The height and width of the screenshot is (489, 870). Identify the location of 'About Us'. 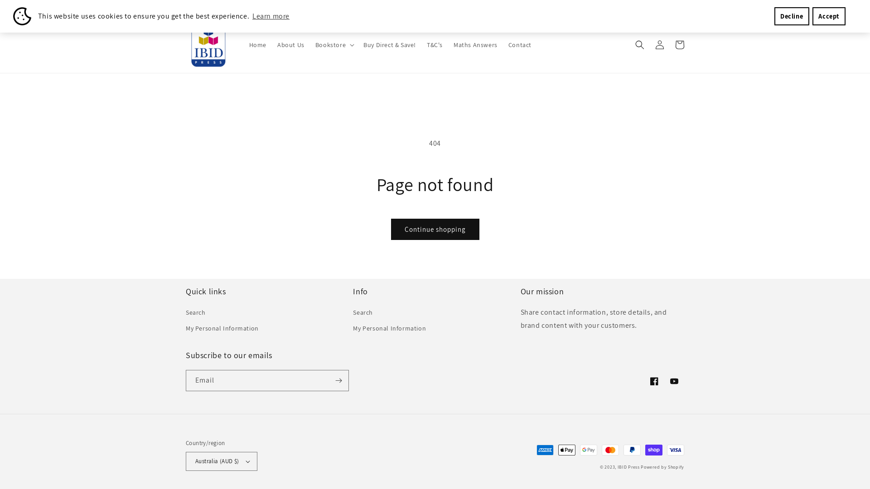
(291, 45).